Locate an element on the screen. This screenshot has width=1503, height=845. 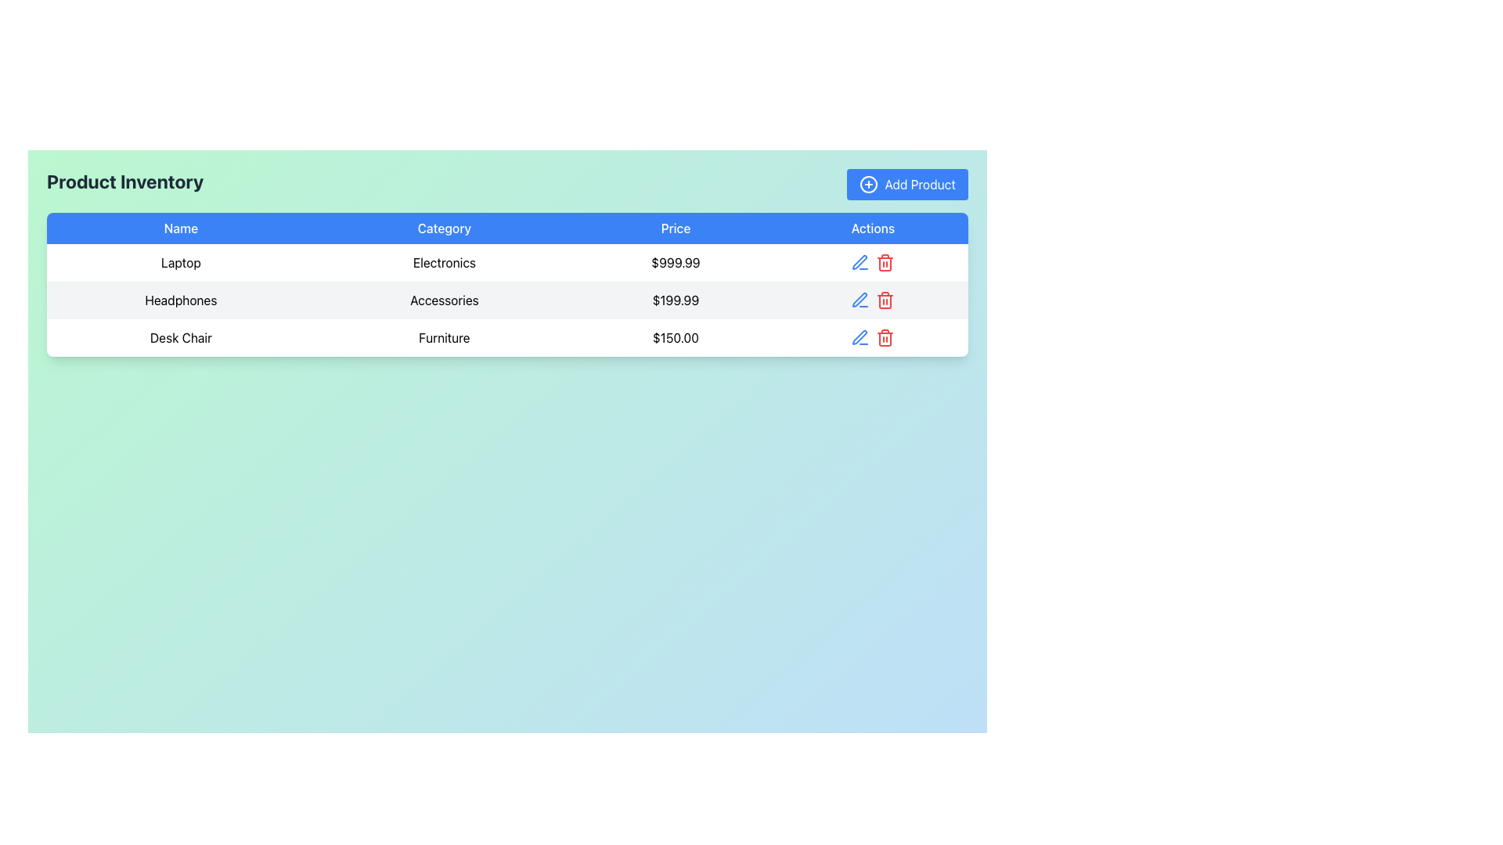
the blue outlined pencil icon in the 'Actions' column of the second row is located at coordinates (859, 336).